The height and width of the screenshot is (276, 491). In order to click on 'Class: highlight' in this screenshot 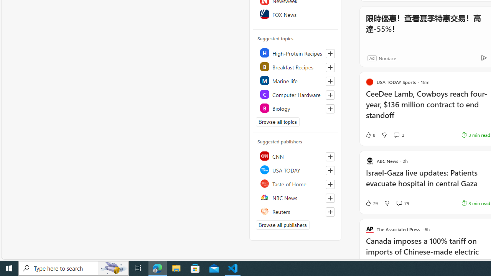, I will do `click(295, 108)`.